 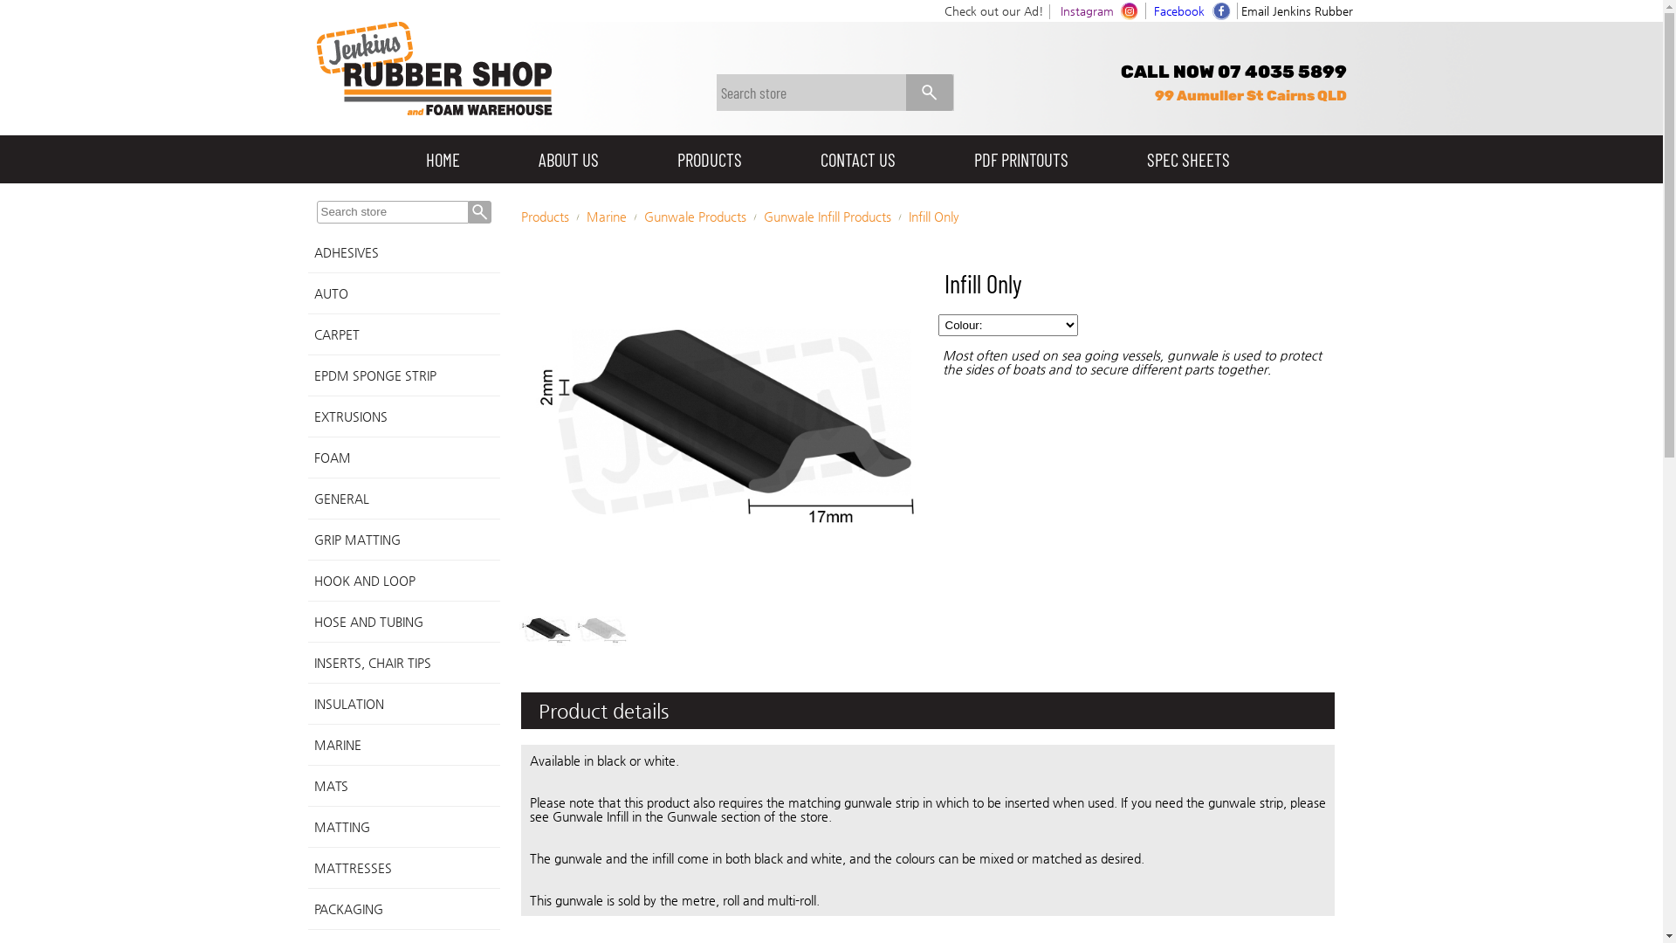 I want to click on 'ADHESIVES', so click(x=306, y=252).